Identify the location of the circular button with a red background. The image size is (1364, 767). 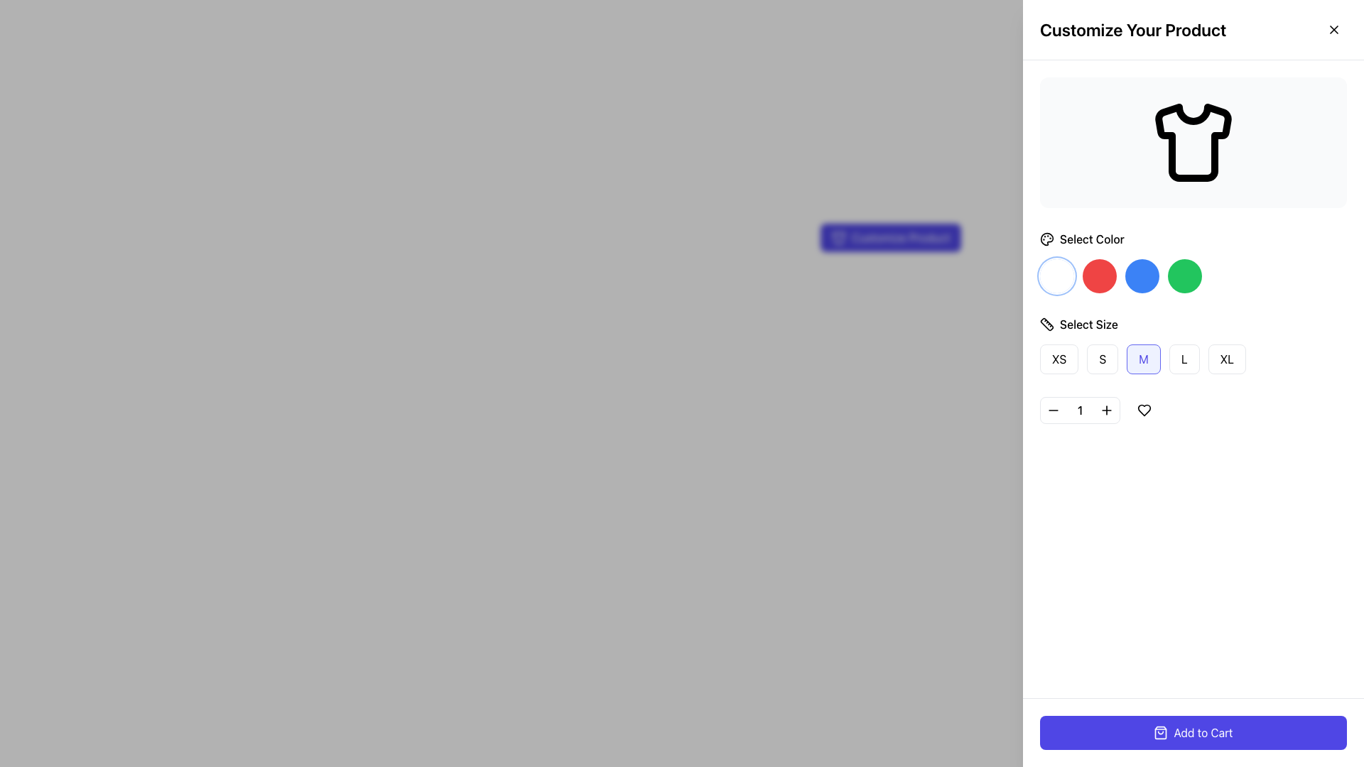
(1099, 276).